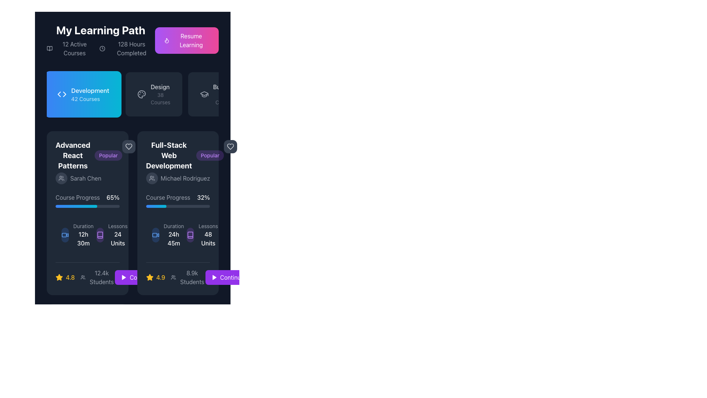 This screenshot has height=398, width=707. I want to click on the favorite button for the "Advanced React Patterns" course, located in the top-right corner of the card near the "Popular" tag to change its appearance, so click(129, 146).